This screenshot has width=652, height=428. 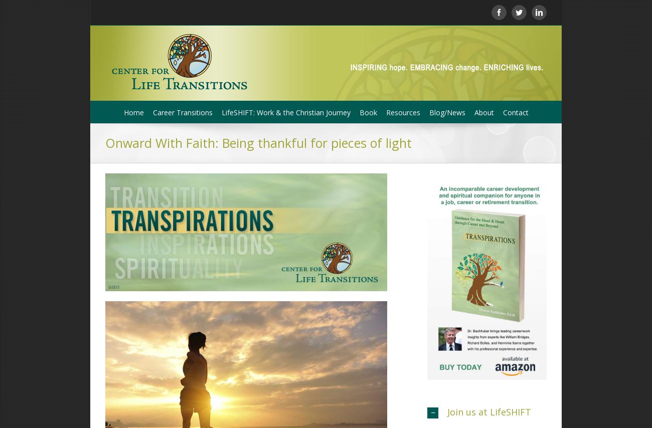 What do you see at coordinates (203, 163) in the screenshot?
I see `'Job Search Courage Online Workshop'` at bounding box center [203, 163].